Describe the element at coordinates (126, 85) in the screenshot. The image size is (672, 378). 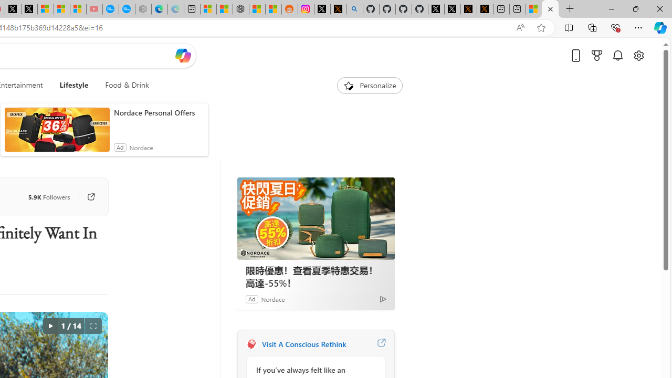
I see `'Food & Drink'` at that location.